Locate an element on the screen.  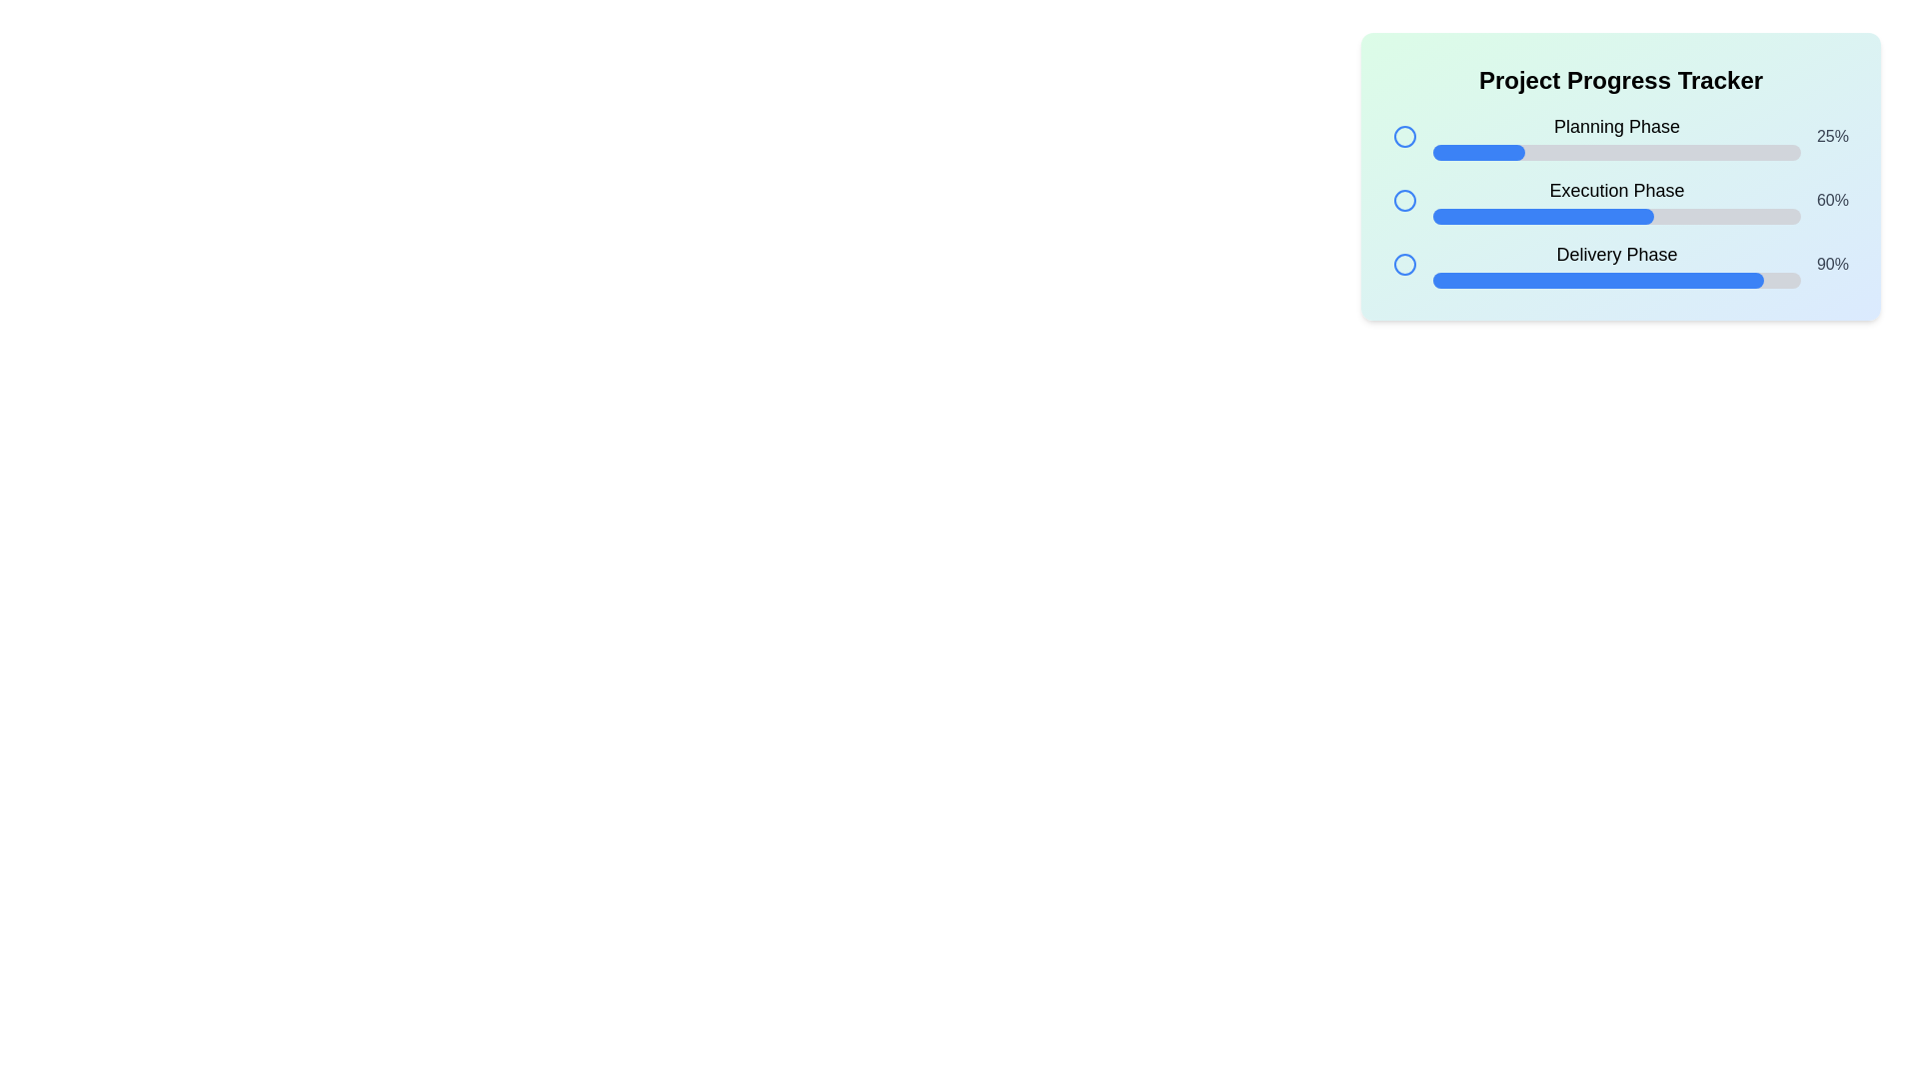
the progress bar of the 'Execution Phase' progress tracker item is located at coordinates (1621, 200).